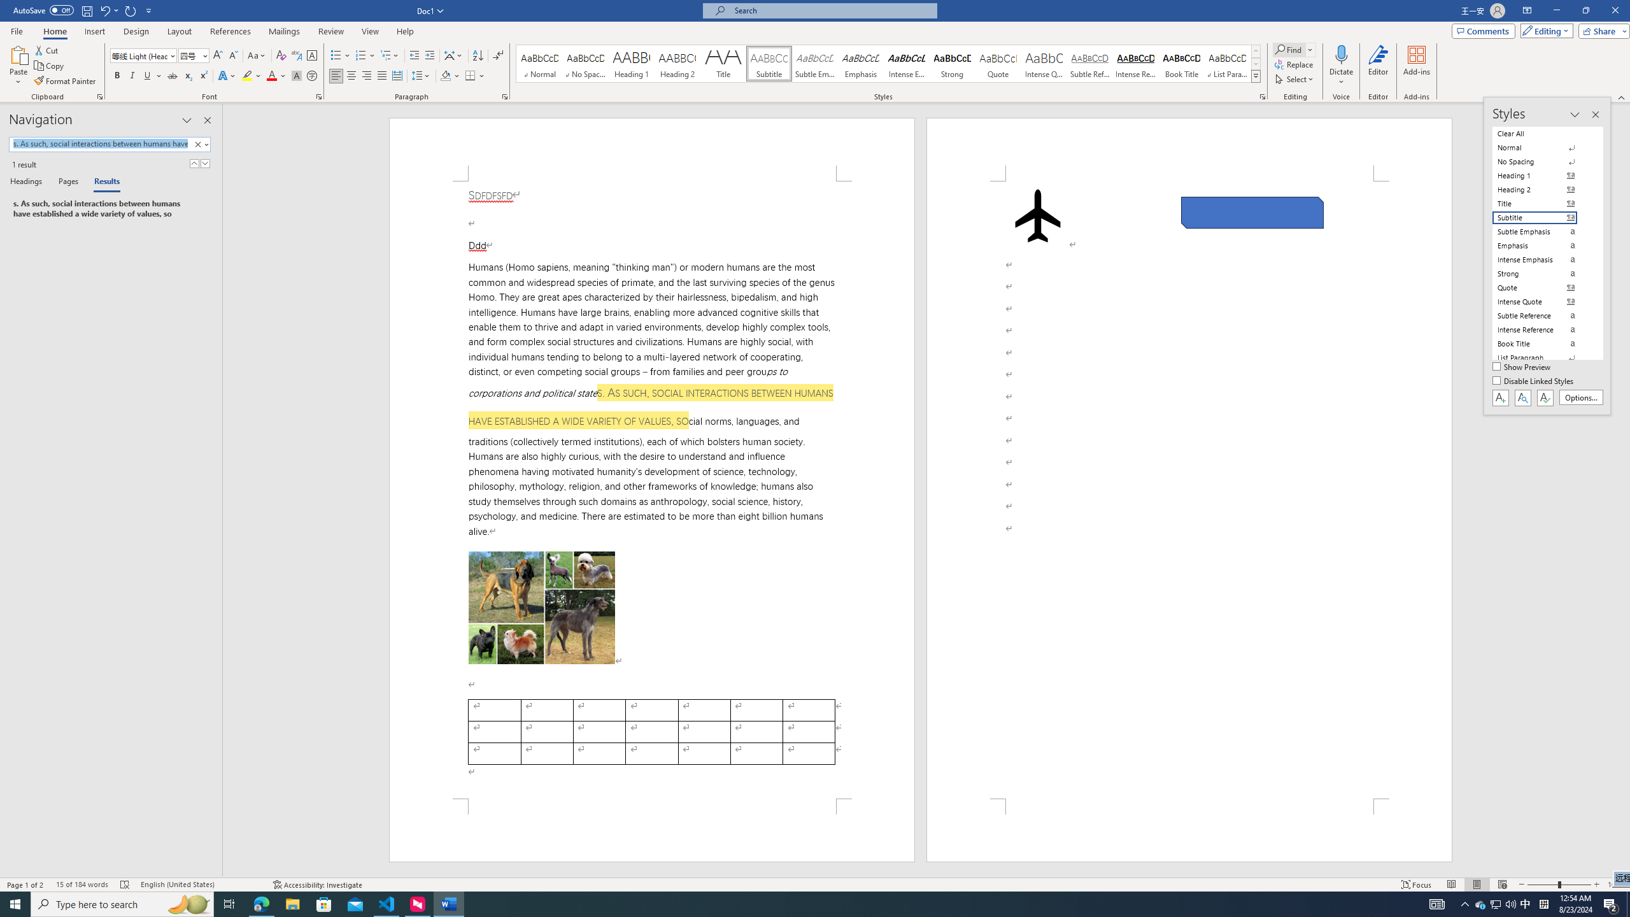 This screenshot has height=917, width=1630. What do you see at coordinates (1037, 215) in the screenshot?
I see `'Airplane with solid fill'` at bounding box center [1037, 215].